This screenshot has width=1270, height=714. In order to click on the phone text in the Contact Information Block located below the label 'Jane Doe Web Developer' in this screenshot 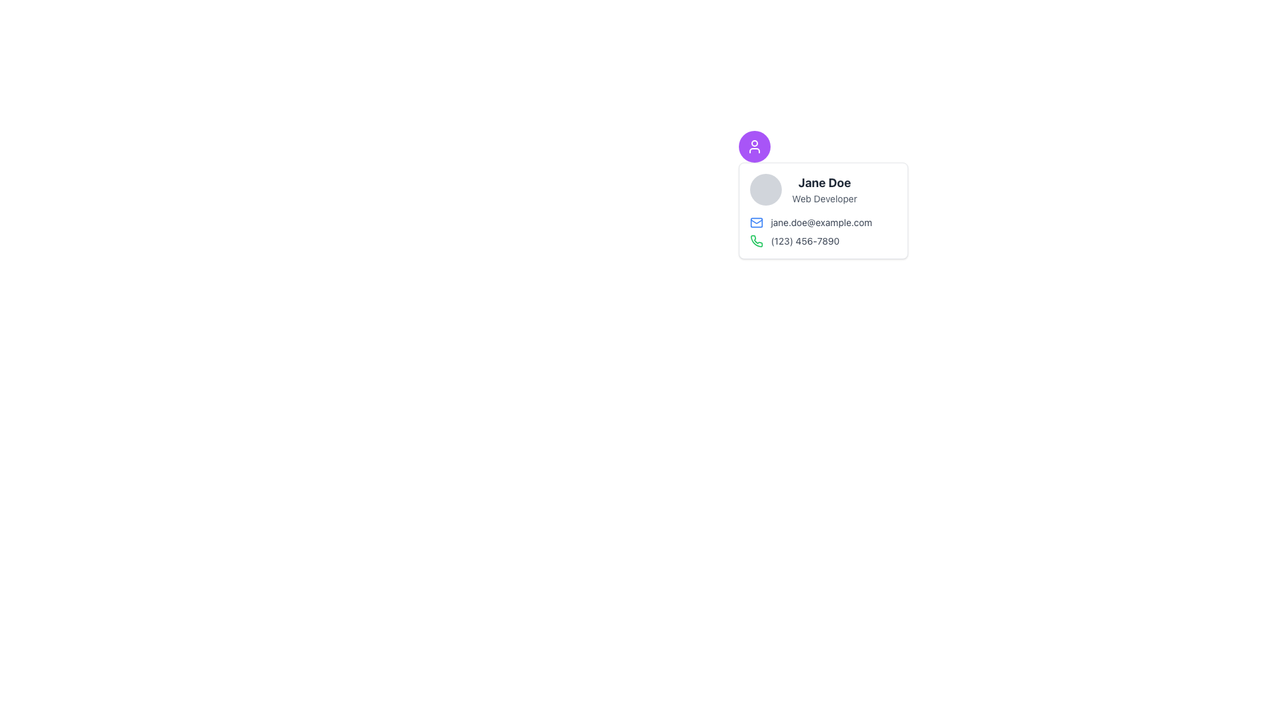, I will do `click(822, 231)`.